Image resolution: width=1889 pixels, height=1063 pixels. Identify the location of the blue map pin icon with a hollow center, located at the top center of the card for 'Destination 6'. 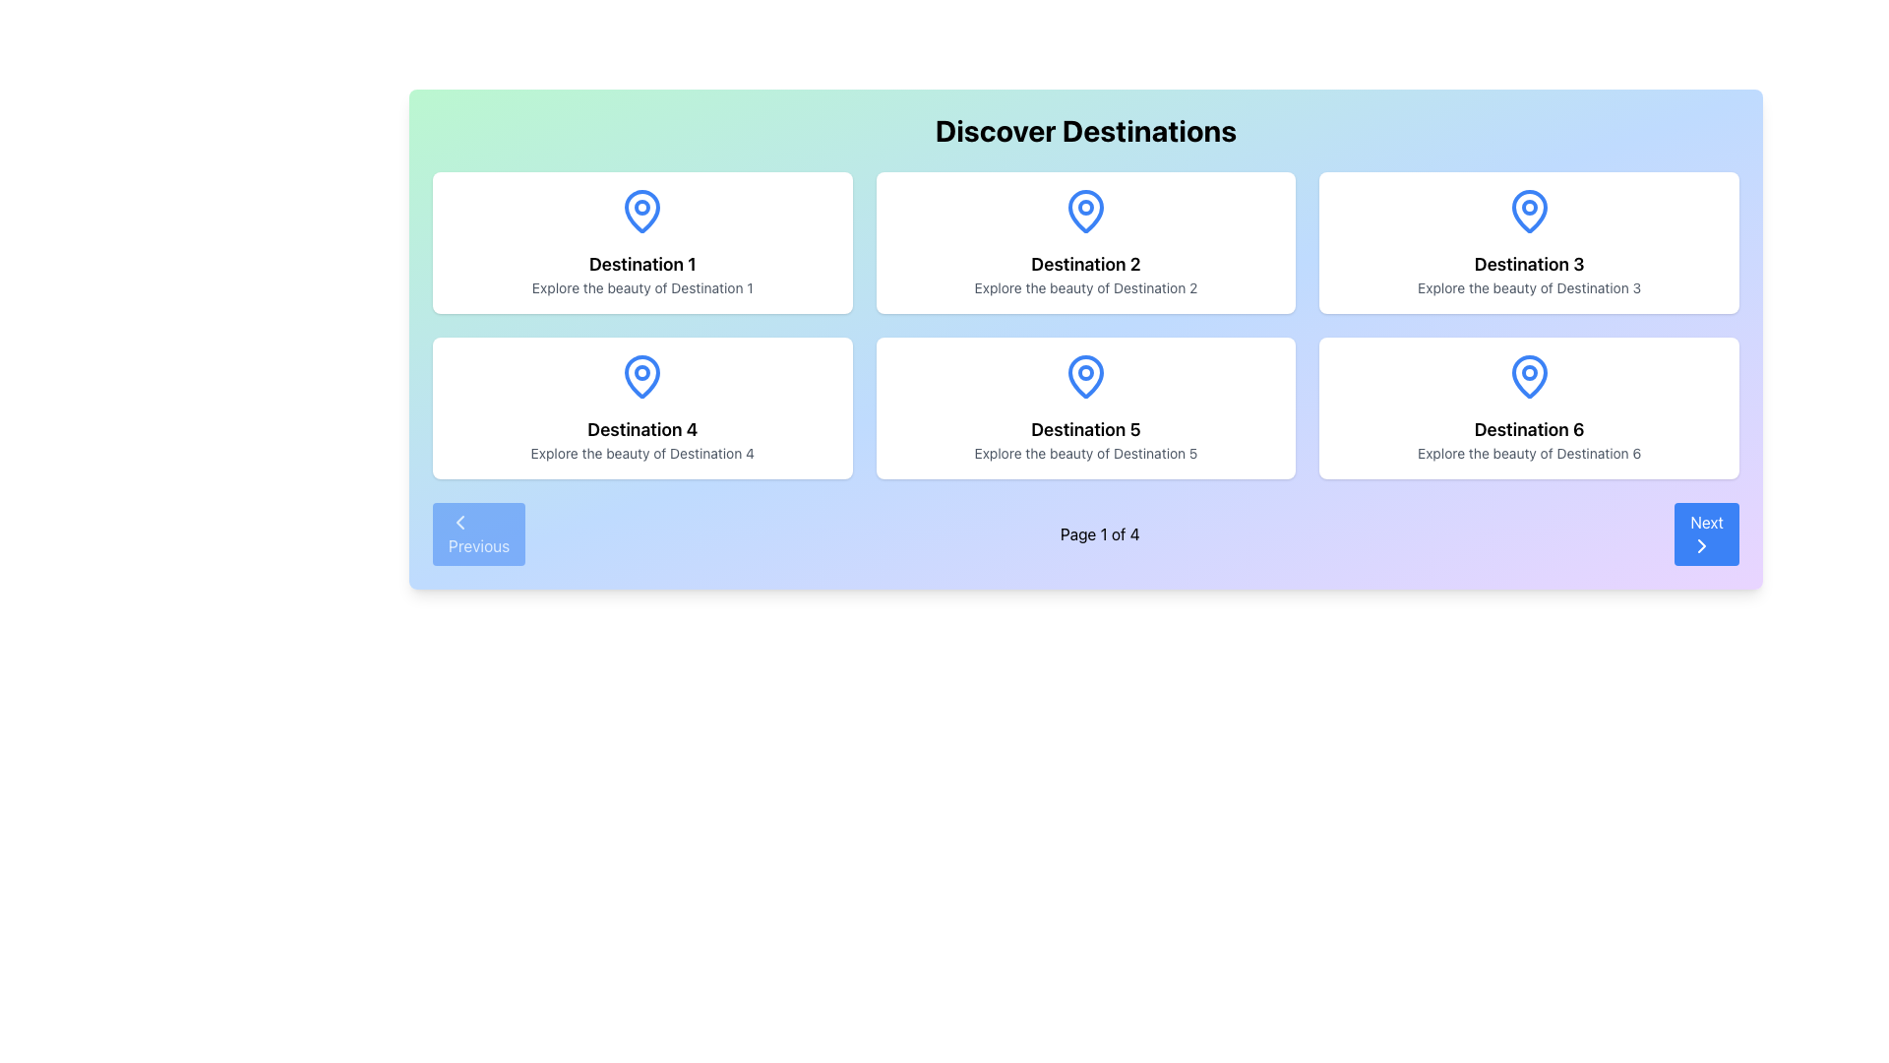
(1528, 376).